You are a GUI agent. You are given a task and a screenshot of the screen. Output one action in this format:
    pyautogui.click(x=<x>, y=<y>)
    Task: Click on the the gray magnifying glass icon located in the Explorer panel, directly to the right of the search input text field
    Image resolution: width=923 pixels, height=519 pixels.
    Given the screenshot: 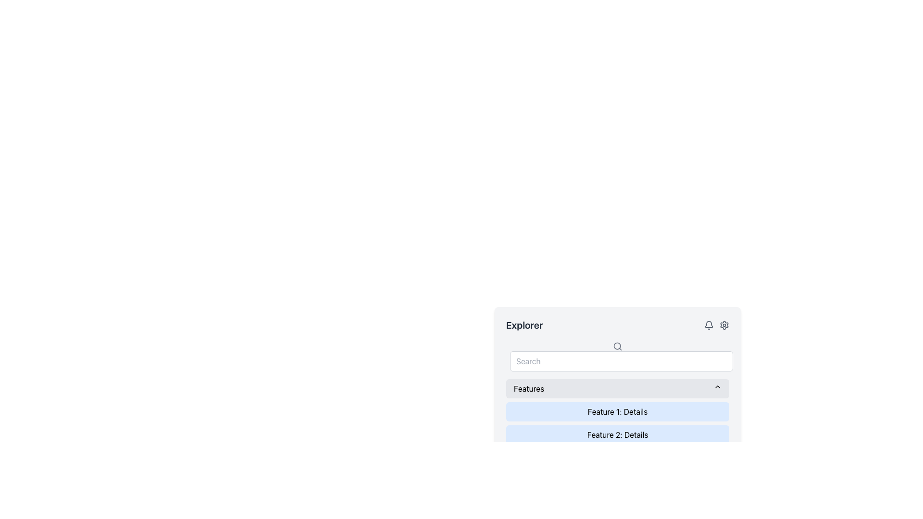 What is the action you would take?
    pyautogui.click(x=618, y=346)
    